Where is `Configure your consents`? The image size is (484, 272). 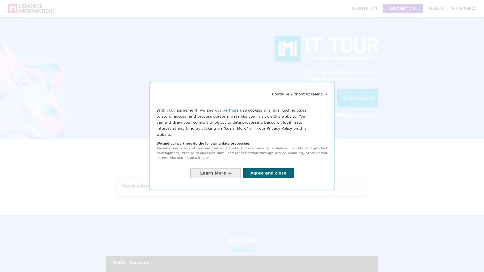 Configure your consents is located at coordinates (215, 173).